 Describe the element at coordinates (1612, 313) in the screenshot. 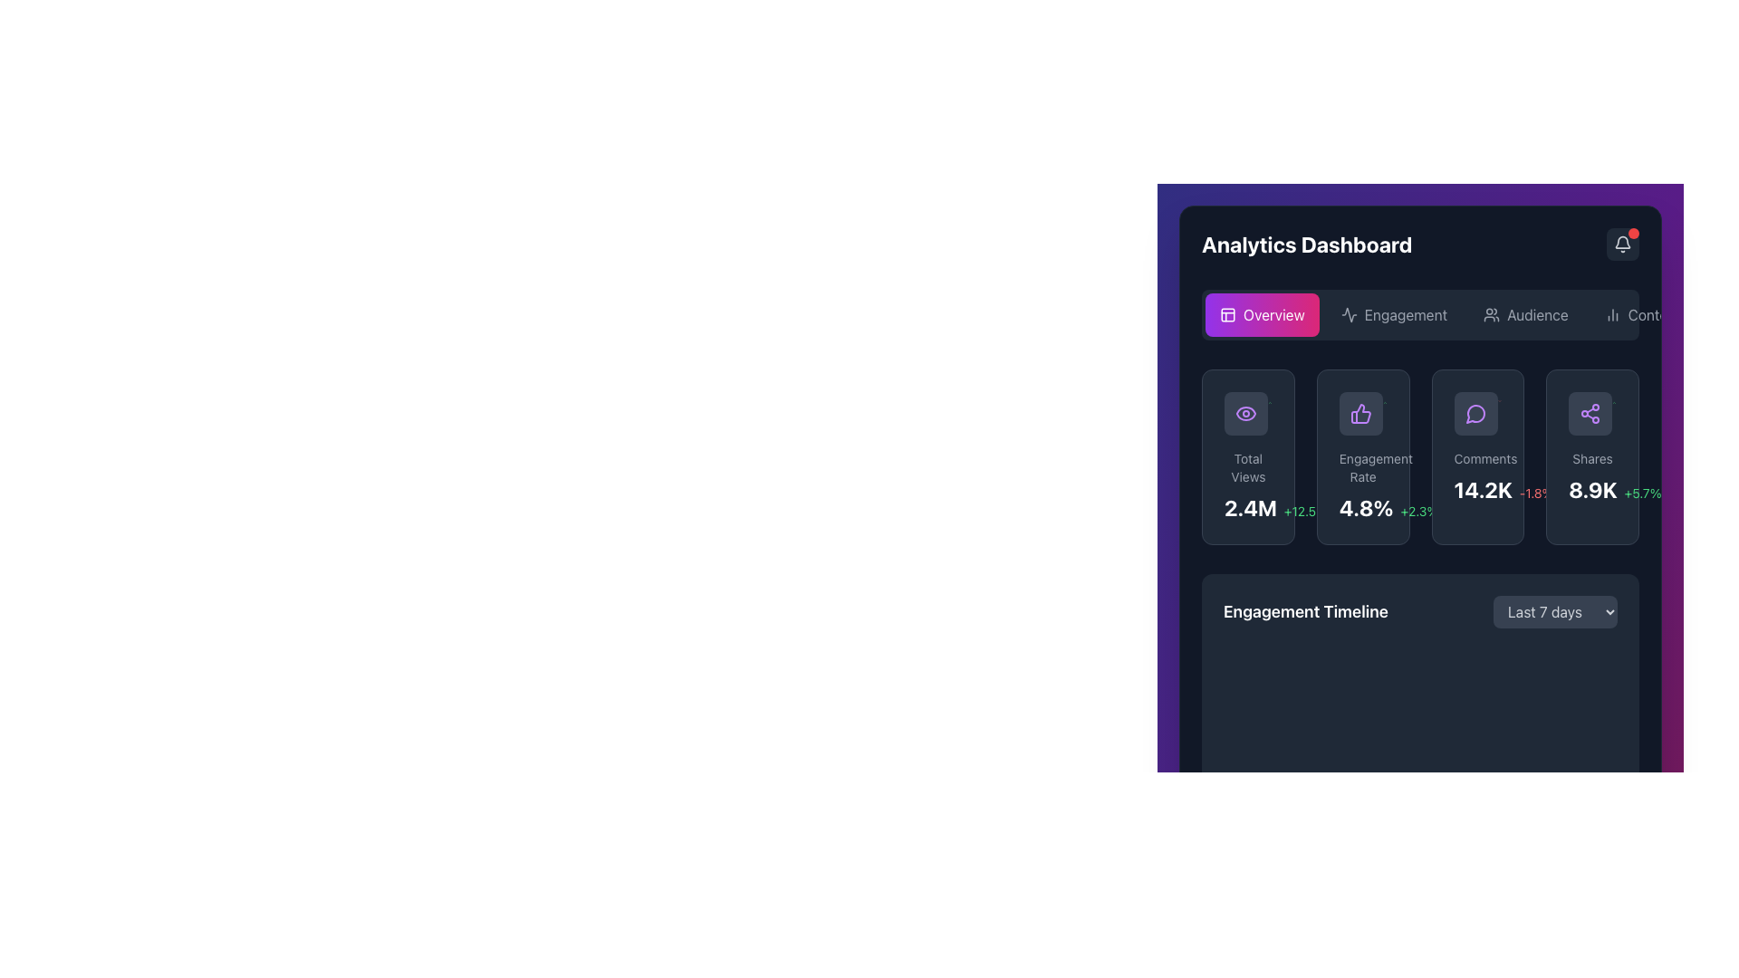

I see `the minimalist bar chart icon located at the end of the top navigation bar, to interact with the linked feature or section` at that location.